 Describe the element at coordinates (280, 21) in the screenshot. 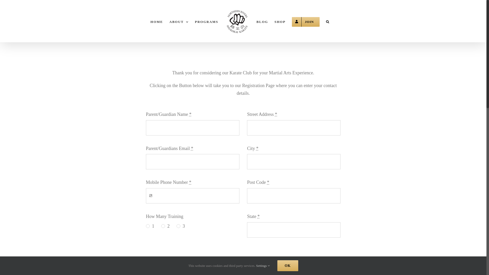

I see `'SHOP'` at that location.